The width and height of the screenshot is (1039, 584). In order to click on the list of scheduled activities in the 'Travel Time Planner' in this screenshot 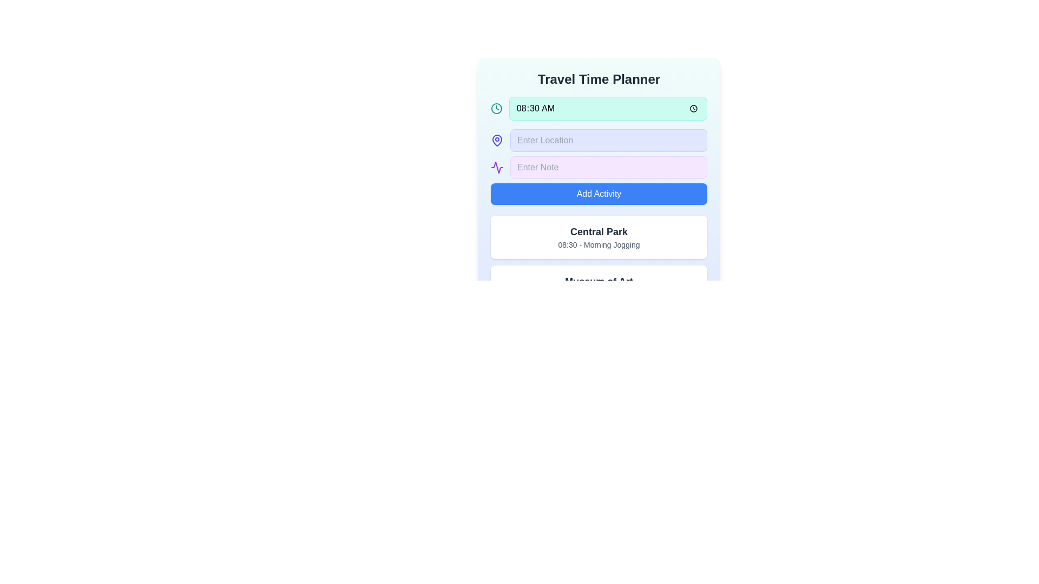, I will do `click(599, 262)`.